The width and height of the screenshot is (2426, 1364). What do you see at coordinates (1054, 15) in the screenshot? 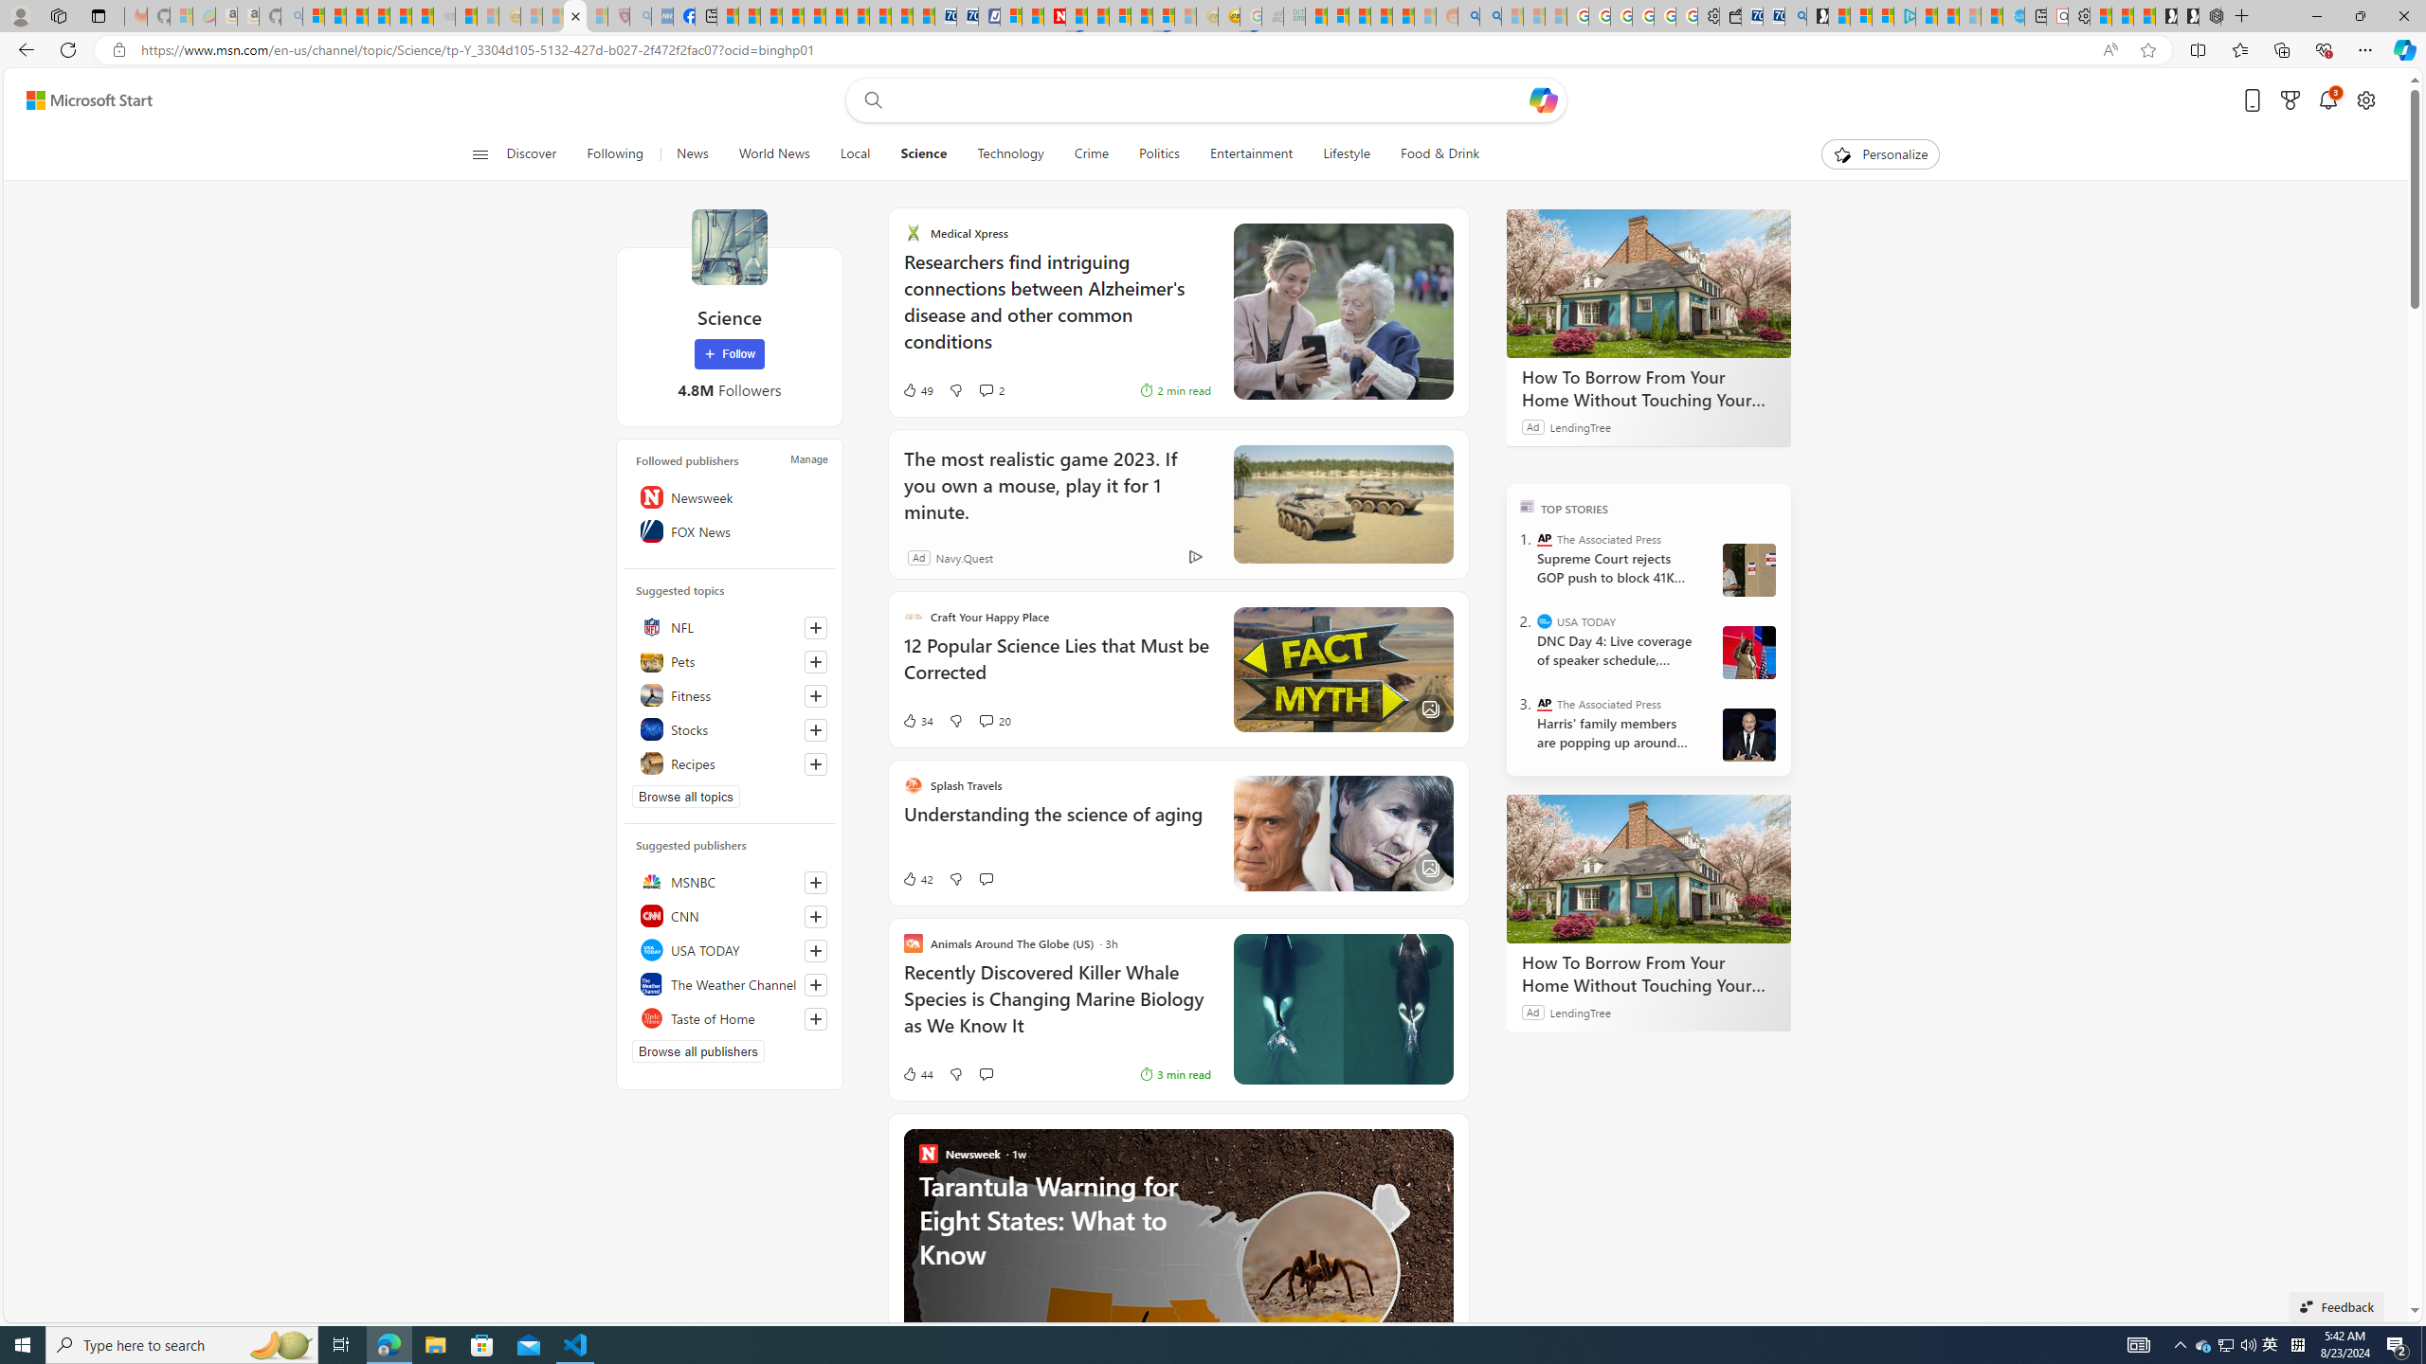
I see `'Latest Politics News & Archive | Newsweek.com'` at bounding box center [1054, 15].